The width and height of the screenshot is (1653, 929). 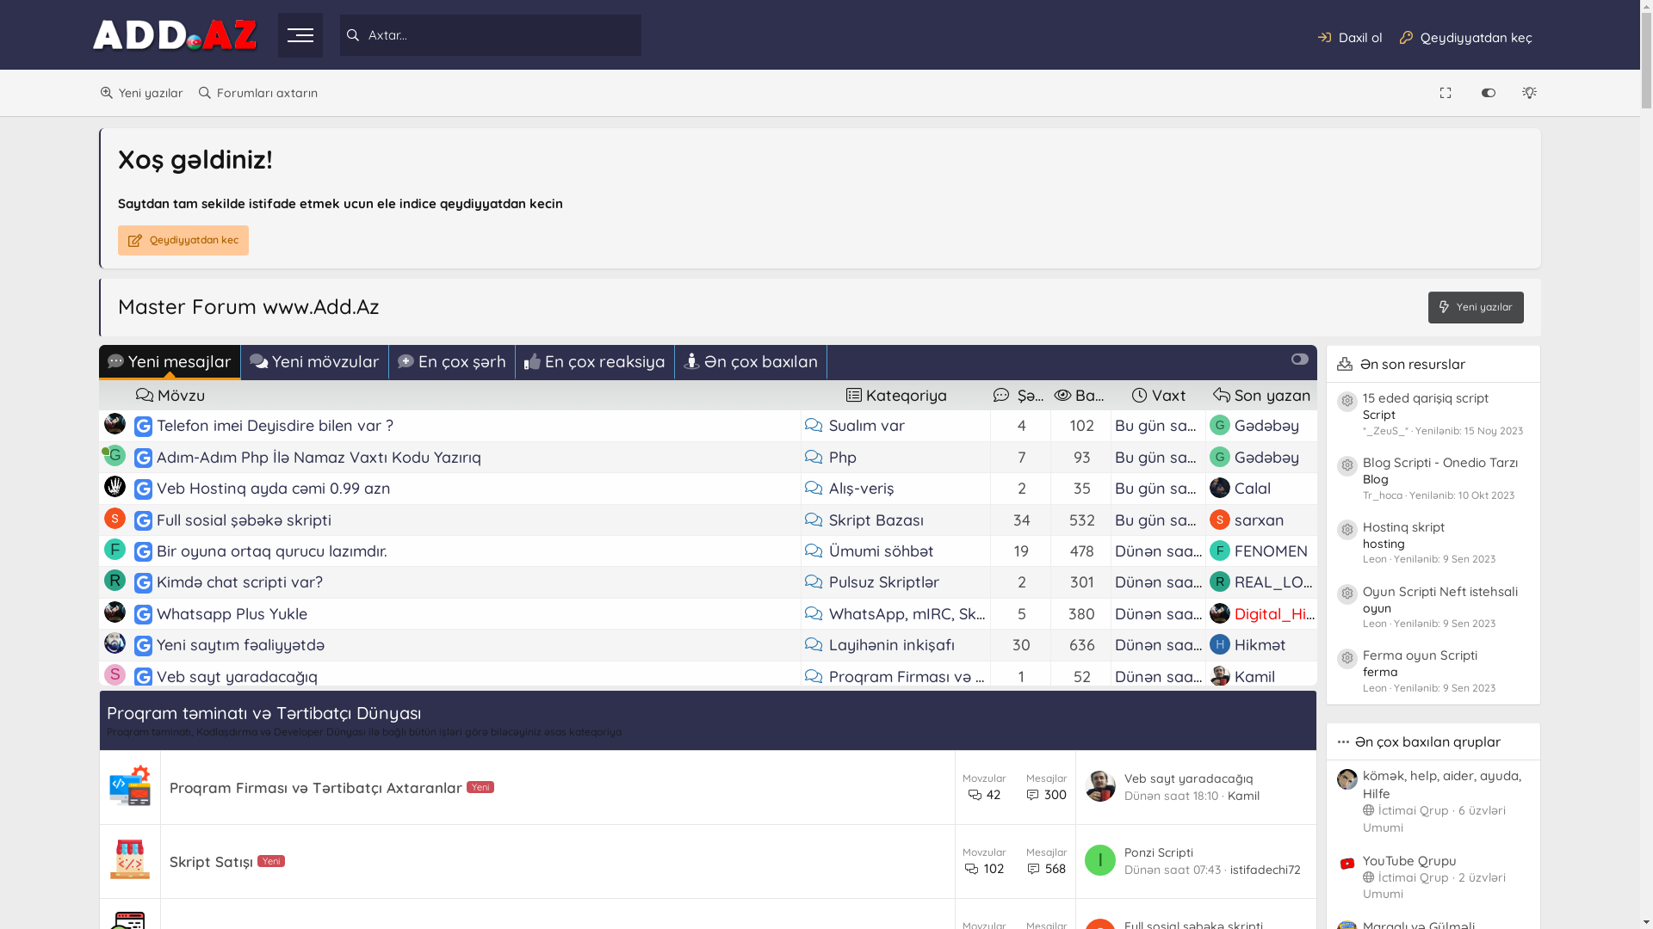 I want to click on 'YouTube Qrupu', so click(x=1409, y=860).